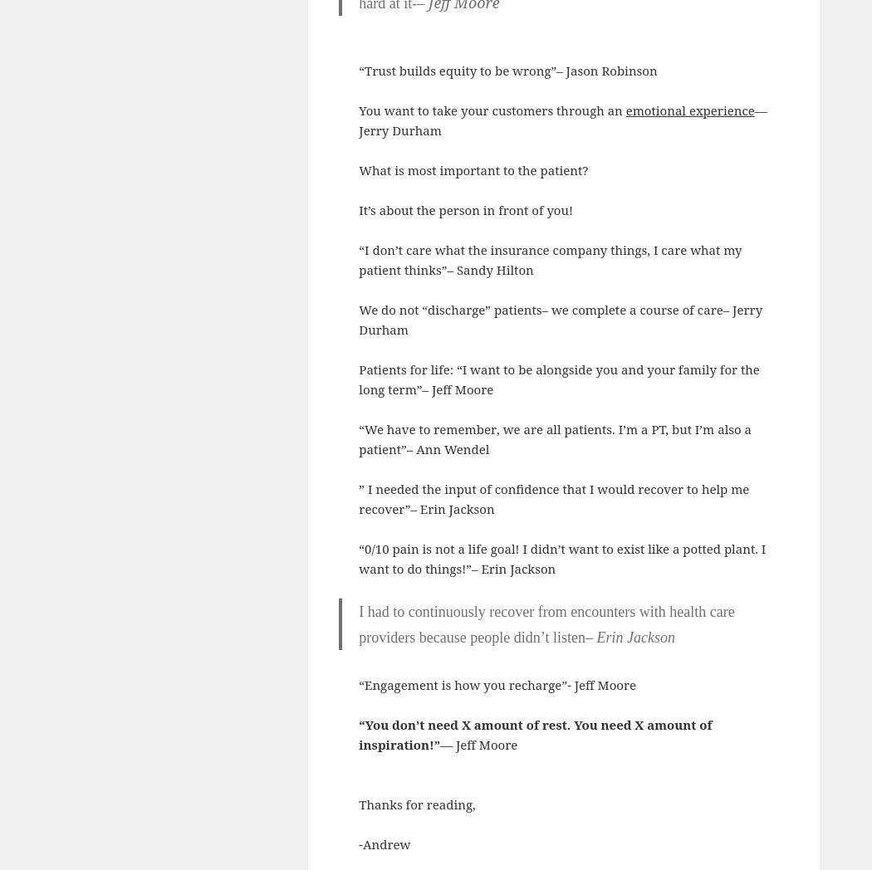 This screenshot has width=872, height=870. Describe the element at coordinates (554, 437) in the screenshot. I see `'“We have to remember, we are all patients. I’m a PT, but I’m also a patient”– Ann Wendel'` at that location.